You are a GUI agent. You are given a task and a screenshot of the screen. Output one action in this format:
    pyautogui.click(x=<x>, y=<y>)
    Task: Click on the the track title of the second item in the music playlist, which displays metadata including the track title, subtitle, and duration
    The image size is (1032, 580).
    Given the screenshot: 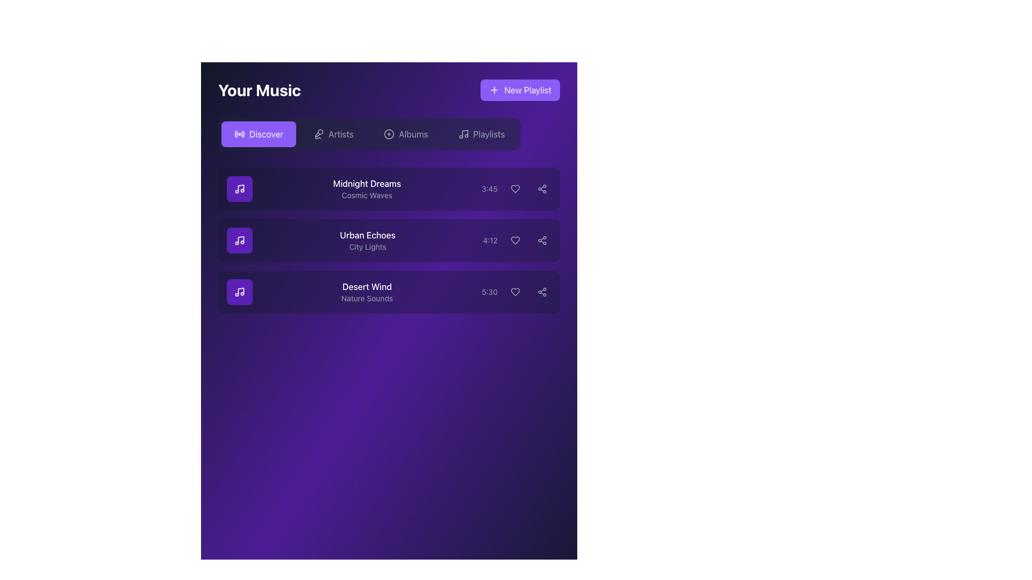 What is the action you would take?
    pyautogui.click(x=389, y=240)
    